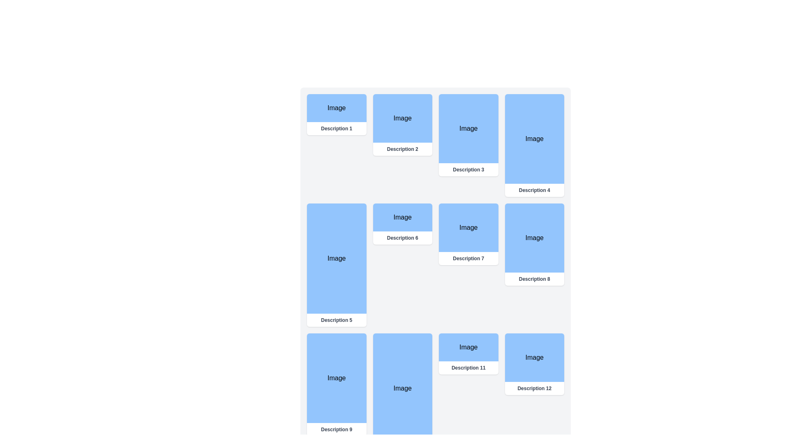 This screenshot has width=789, height=444. What do you see at coordinates (402, 118) in the screenshot?
I see `the rectangular visual placeholder labeled 'Image' that is light blue with black text, located in the upper middle-right section of the interface` at bounding box center [402, 118].